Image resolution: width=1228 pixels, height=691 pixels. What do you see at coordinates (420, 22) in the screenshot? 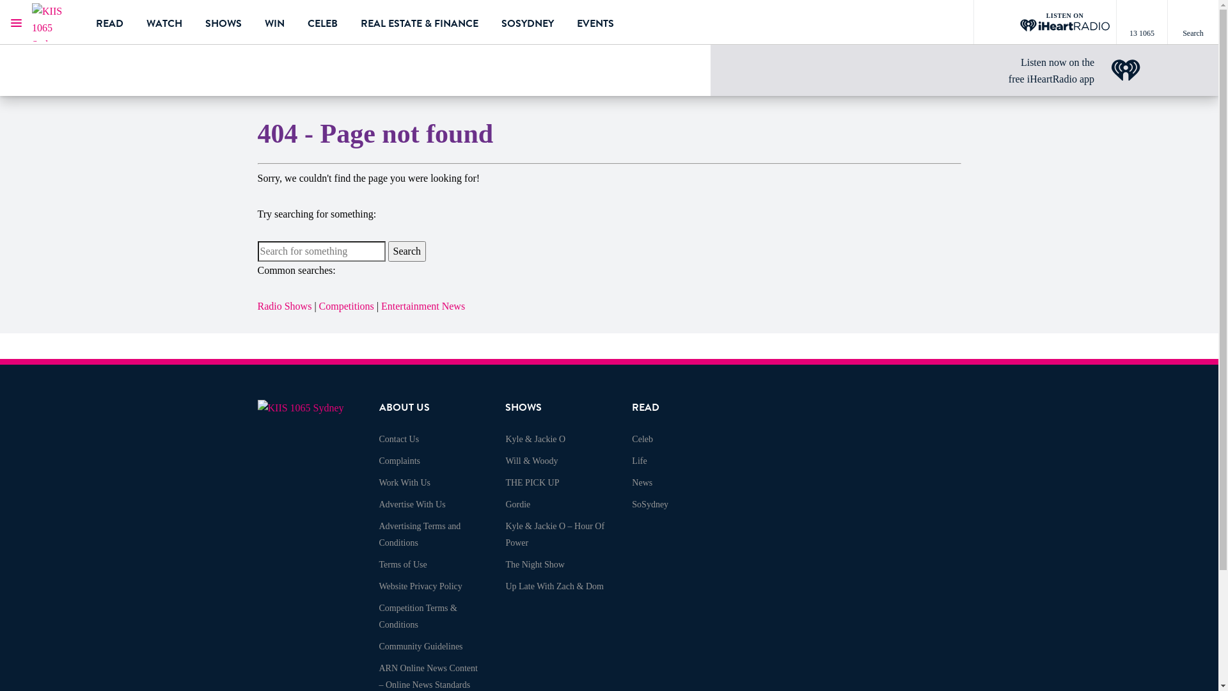
I see `'REAL ESTATE & FINANCE'` at bounding box center [420, 22].